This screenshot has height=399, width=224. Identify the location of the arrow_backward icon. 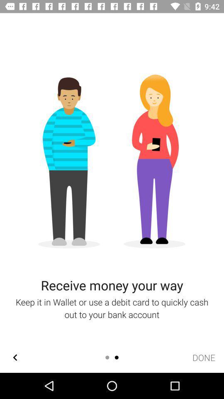
(15, 357).